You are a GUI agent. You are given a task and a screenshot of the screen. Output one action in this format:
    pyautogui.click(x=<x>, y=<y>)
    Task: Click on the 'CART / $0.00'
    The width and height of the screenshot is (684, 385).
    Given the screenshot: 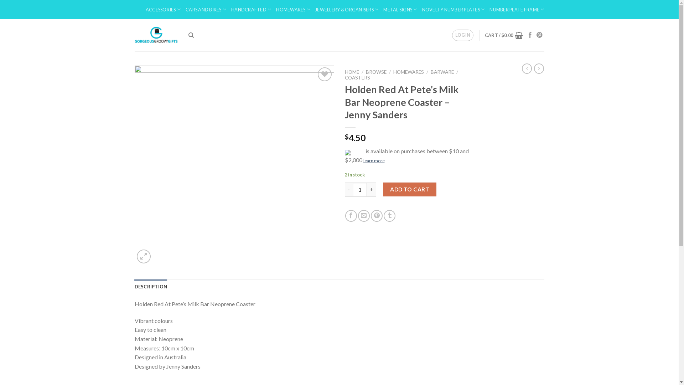 What is the action you would take?
    pyautogui.click(x=503, y=35)
    